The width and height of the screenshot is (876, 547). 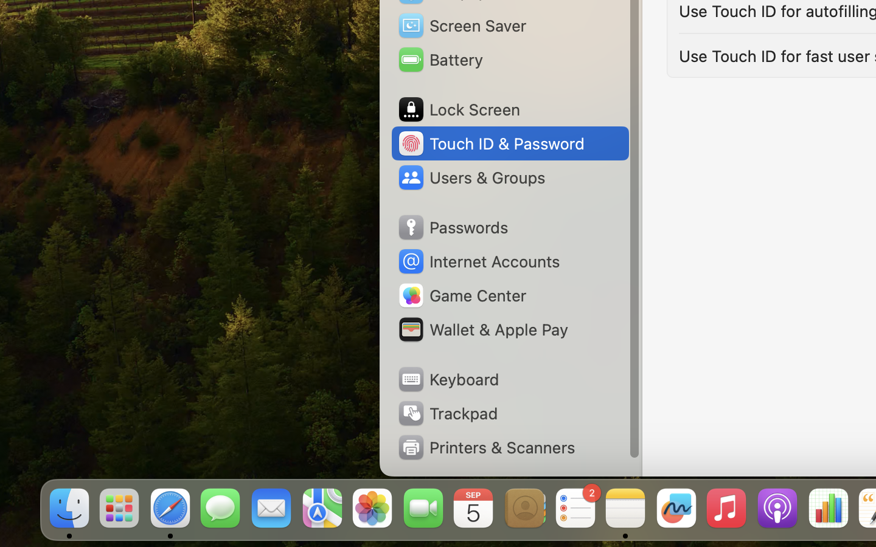 What do you see at coordinates (478, 261) in the screenshot?
I see `'Internet Accounts'` at bounding box center [478, 261].